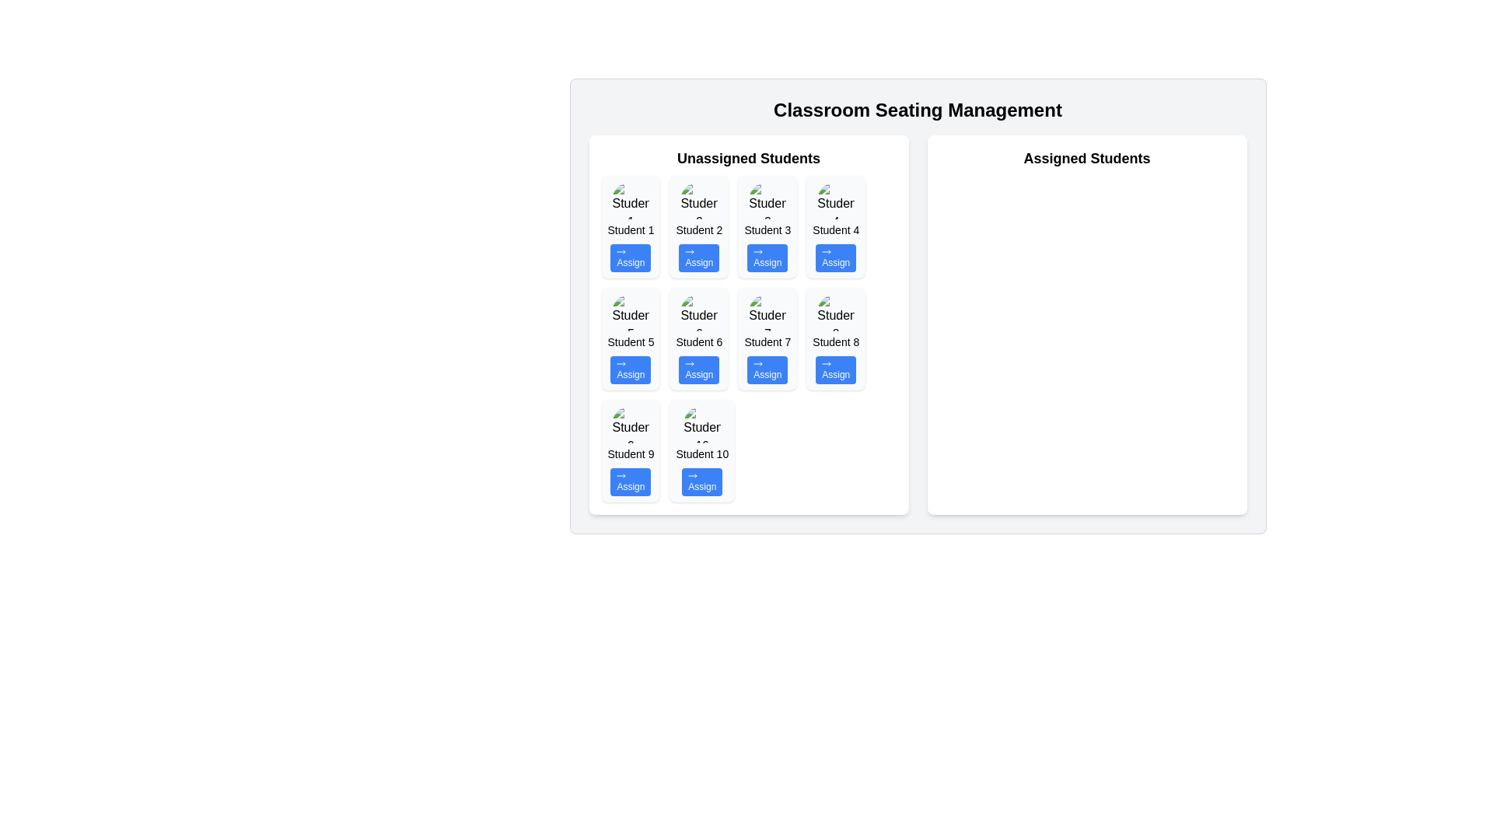  I want to click on the rightward-pointing arrow icon within the 'Assign' button for 'Student 9' in the 'Unassigned Students' section, so click(621, 475).